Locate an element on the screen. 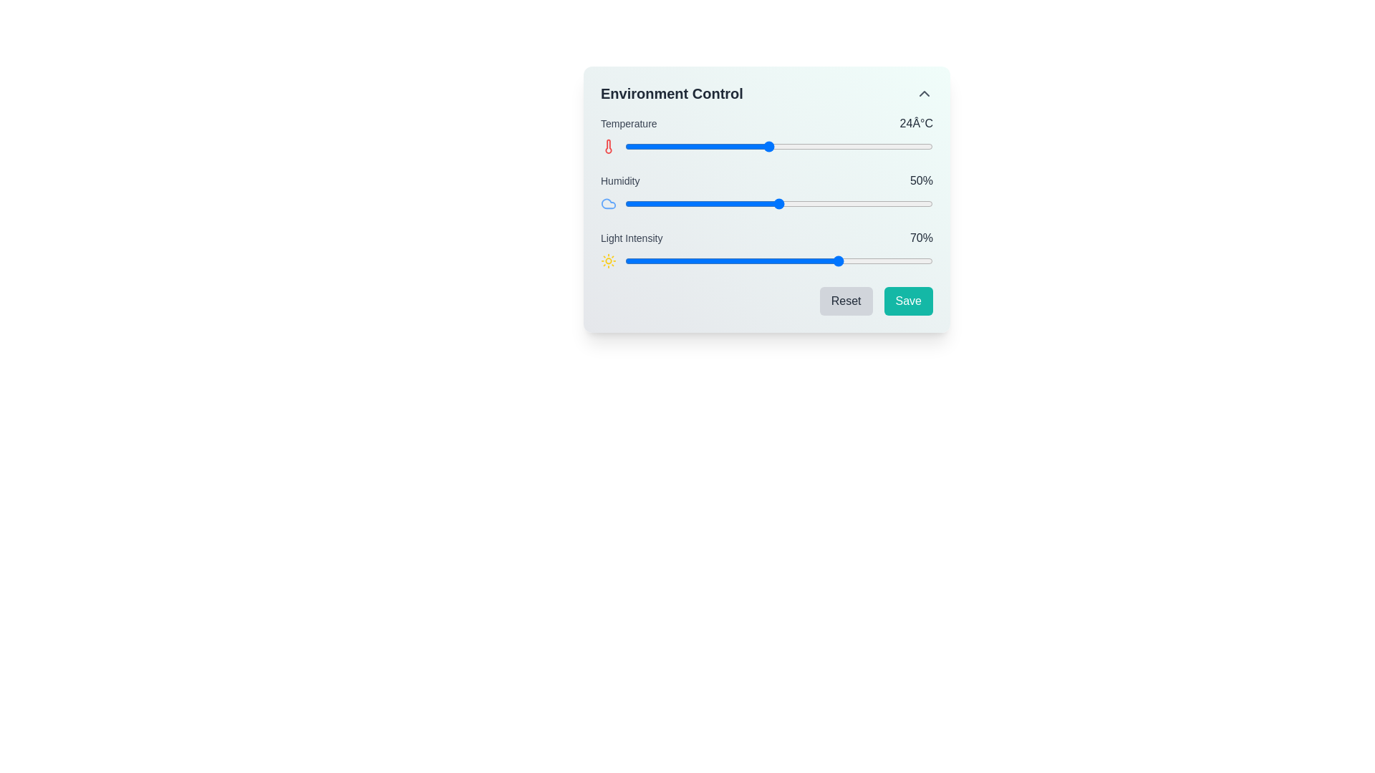  the temperature slider is located at coordinates (768, 146).